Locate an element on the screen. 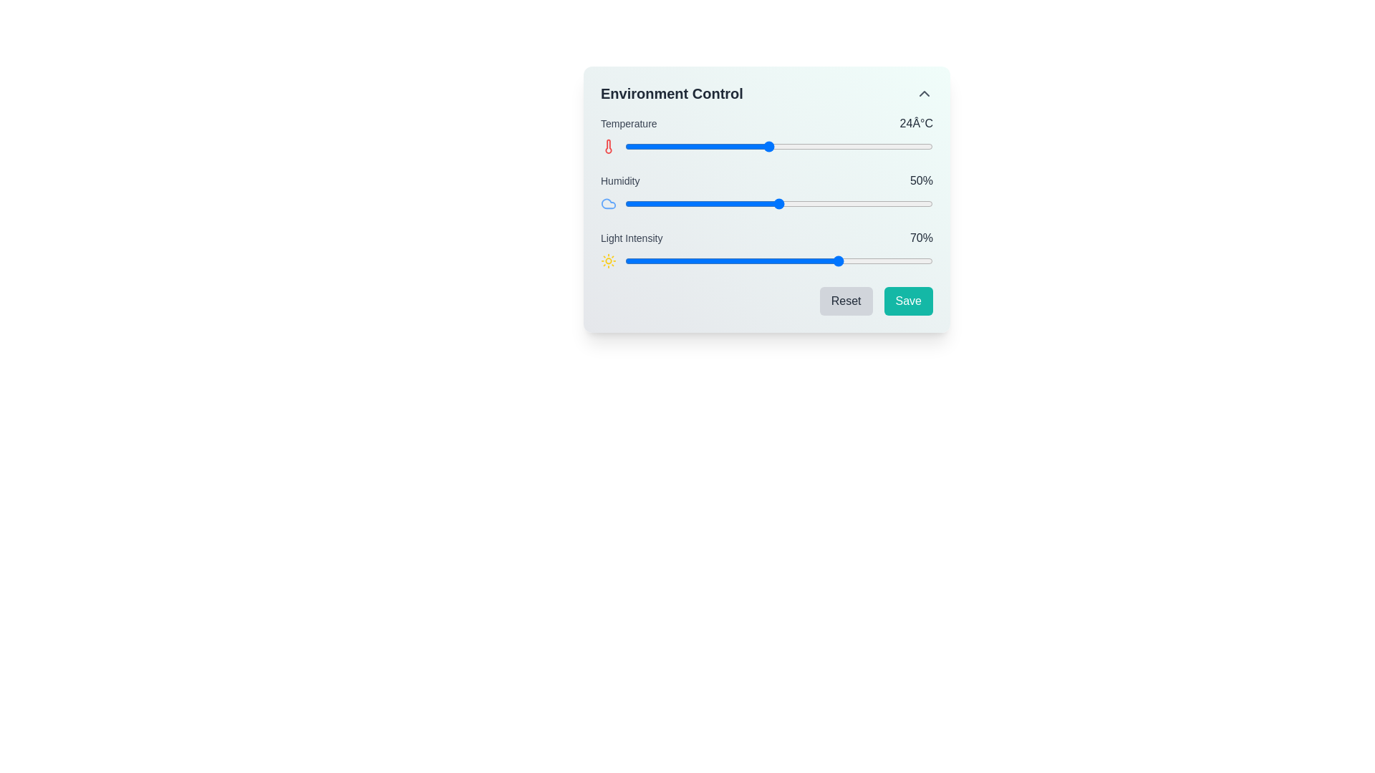  the temperature slider is located at coordinates (768, 146).